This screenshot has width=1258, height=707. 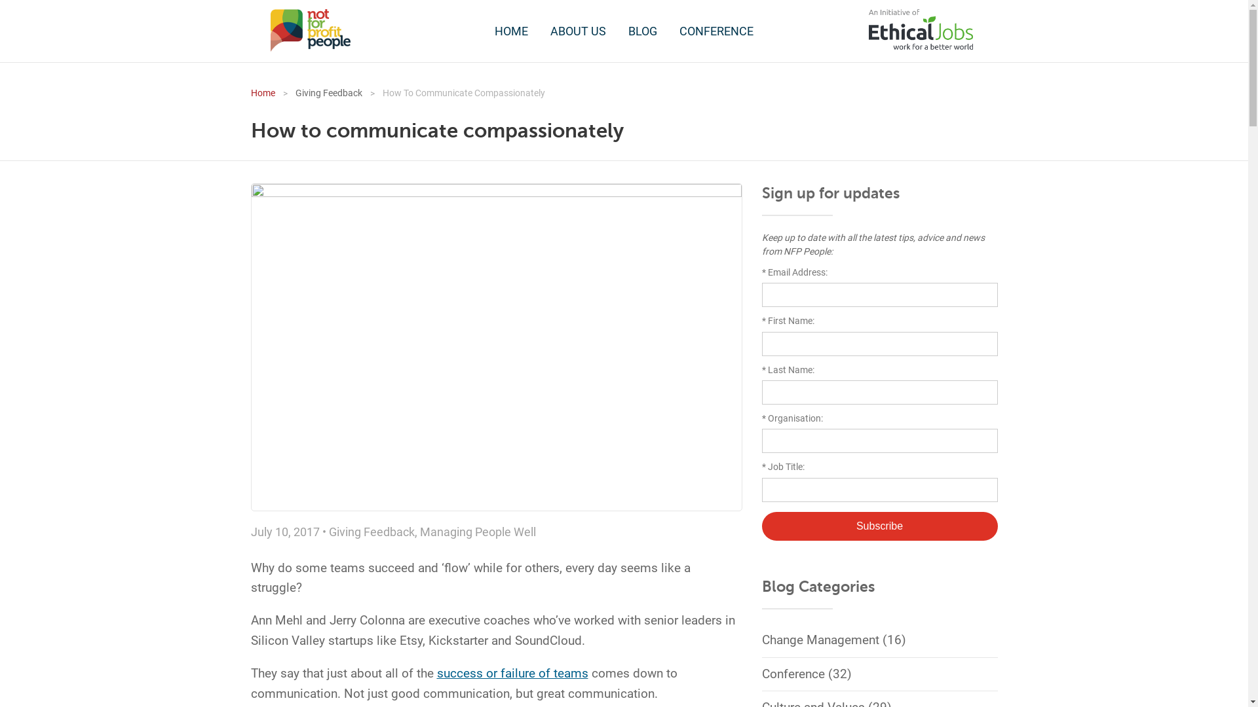 What do you see at coordinates (618, 30) in the screenshot?
I see `'BLOG'` at bounding box center [618, 30].